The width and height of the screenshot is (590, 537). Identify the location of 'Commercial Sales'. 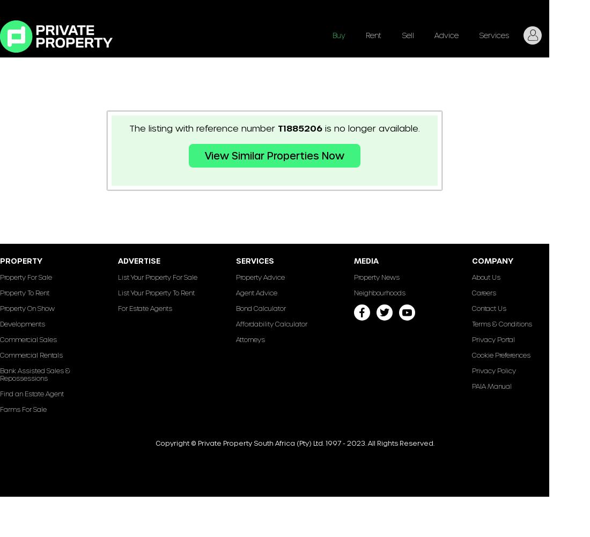
(28, 339).